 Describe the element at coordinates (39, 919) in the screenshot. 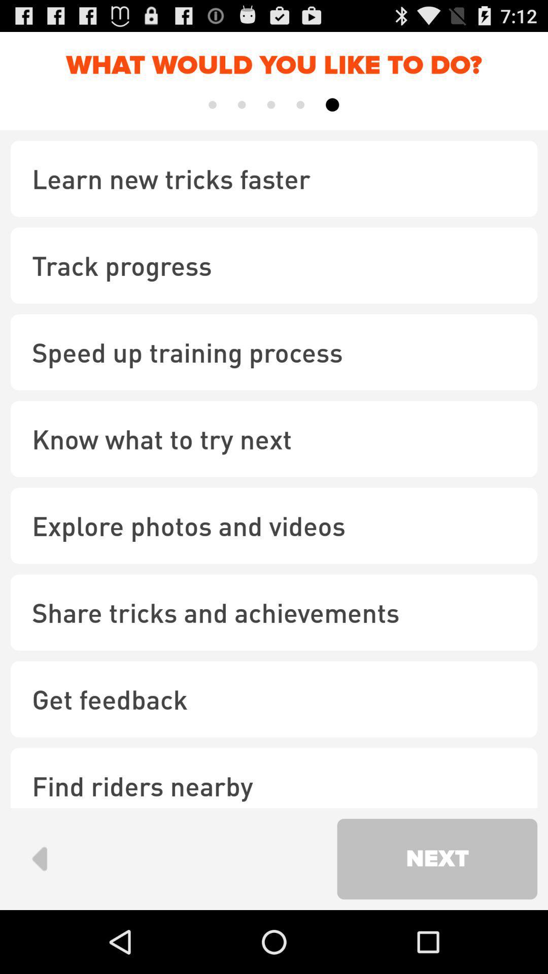

I see `the arrow_backward icon` at that location.